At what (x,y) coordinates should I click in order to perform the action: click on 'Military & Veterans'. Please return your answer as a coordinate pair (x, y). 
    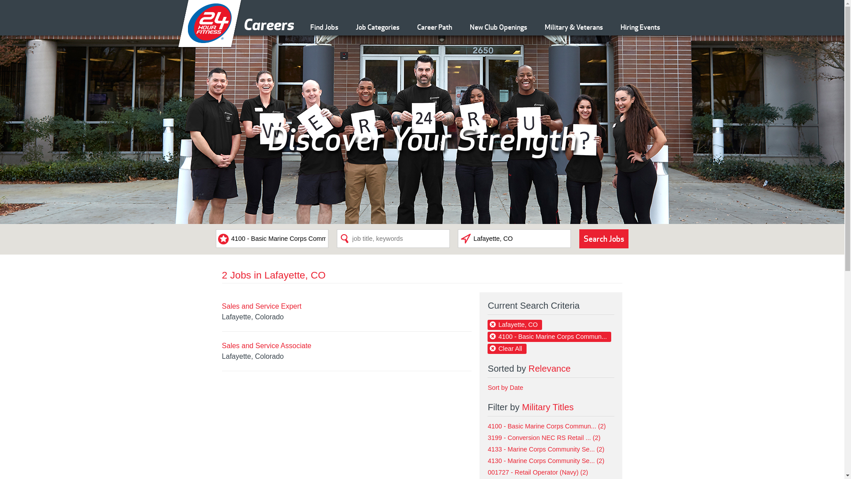
    Looking at the image, I should click on (573, 25).